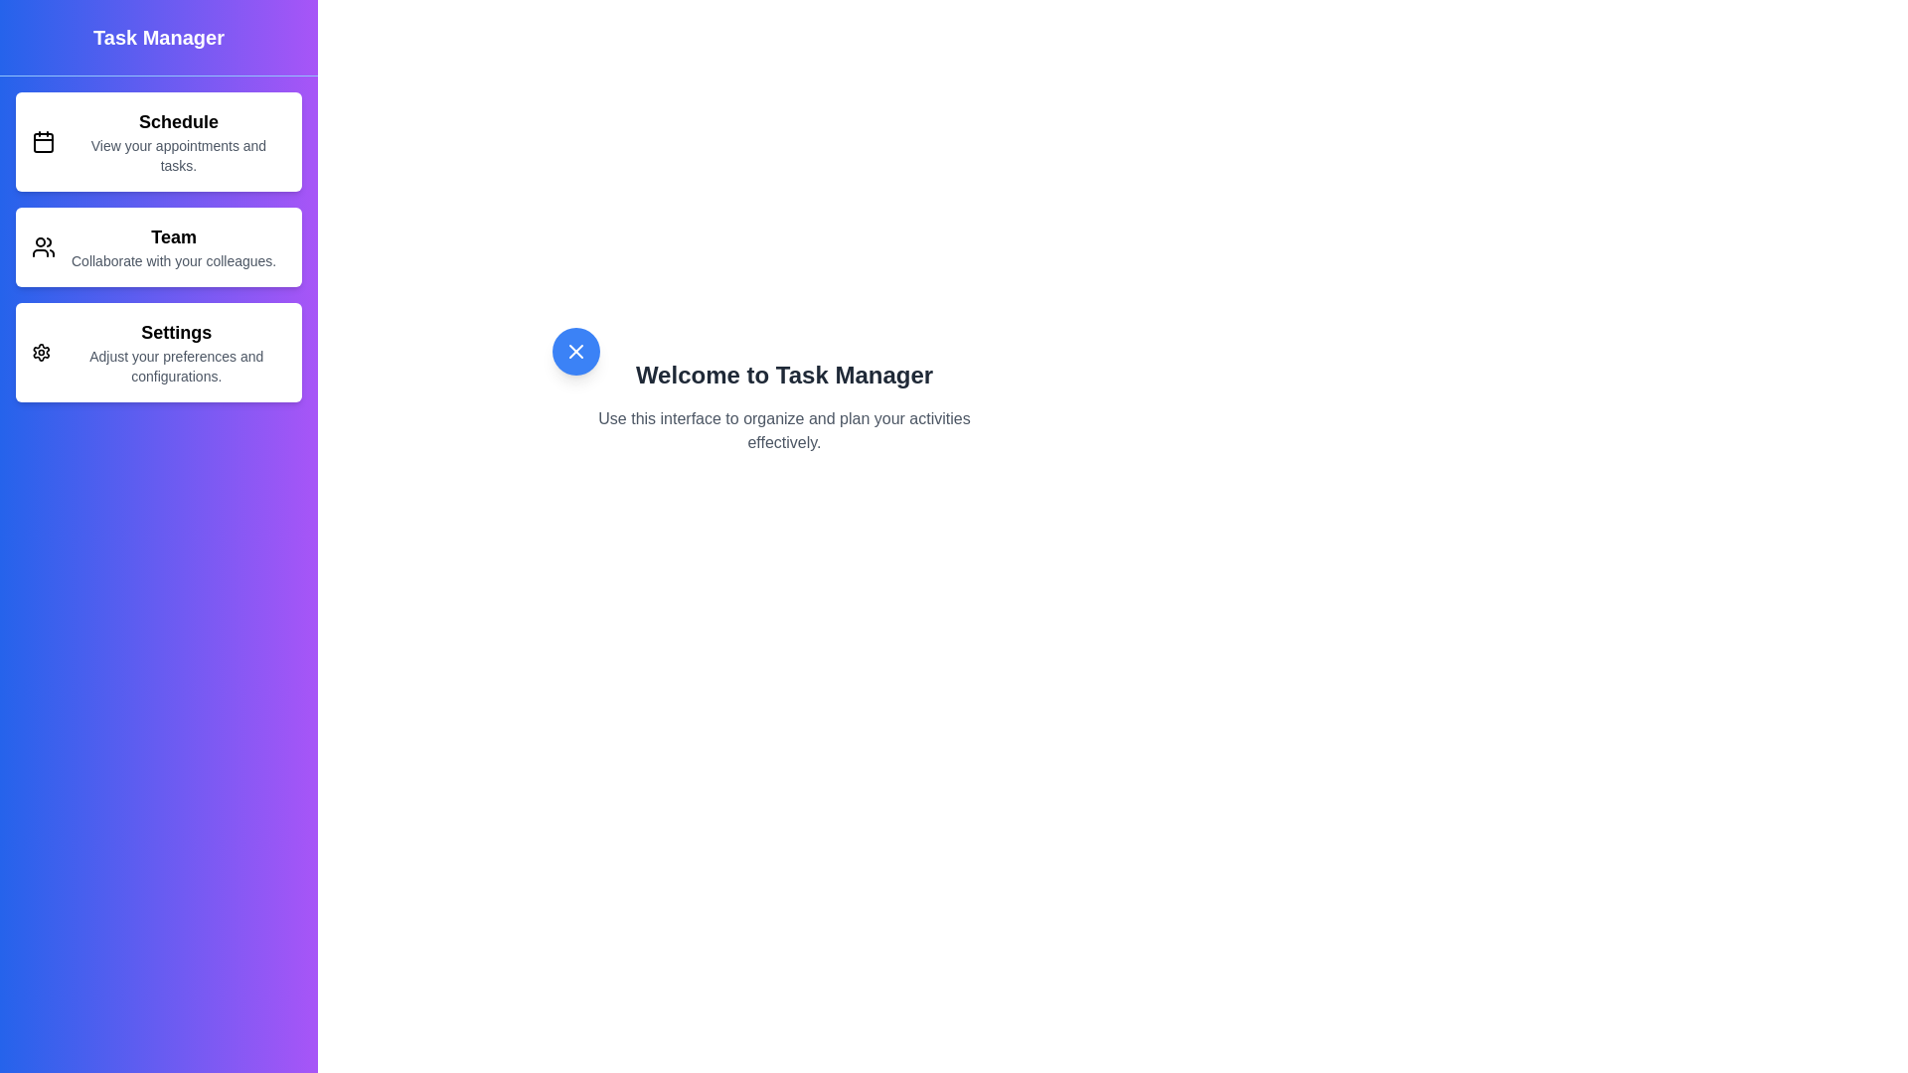 This screenshot has height=1073, width=1908. Describe the element at coordinates (157, 140) in the screenshot. I see `the menu item Schedule` at that location.